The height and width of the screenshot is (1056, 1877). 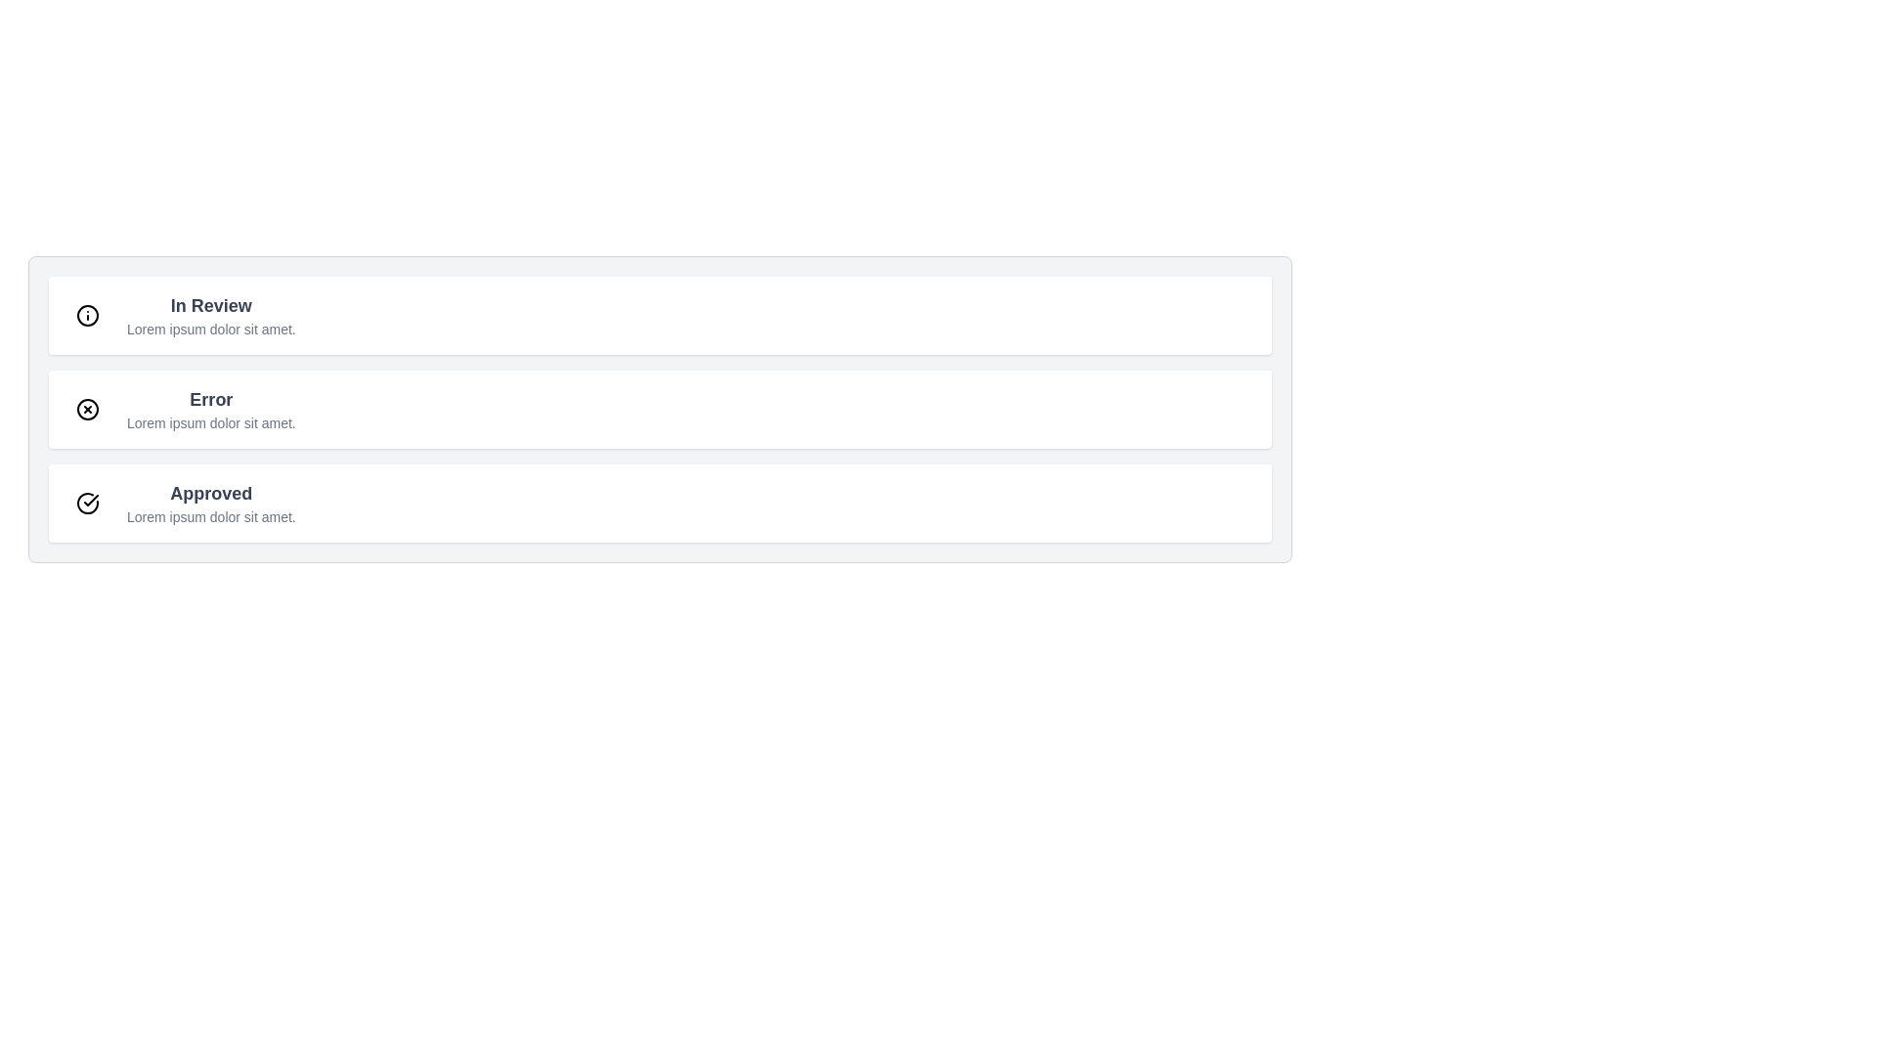 What do you see at coordinates (87, 503) in the screenshot?
I see `the circular green icon with a checkmark that indicates an approval state, located to the left of the text 'Approved' in the third line of status indicators` at bounding box center [87, 503].